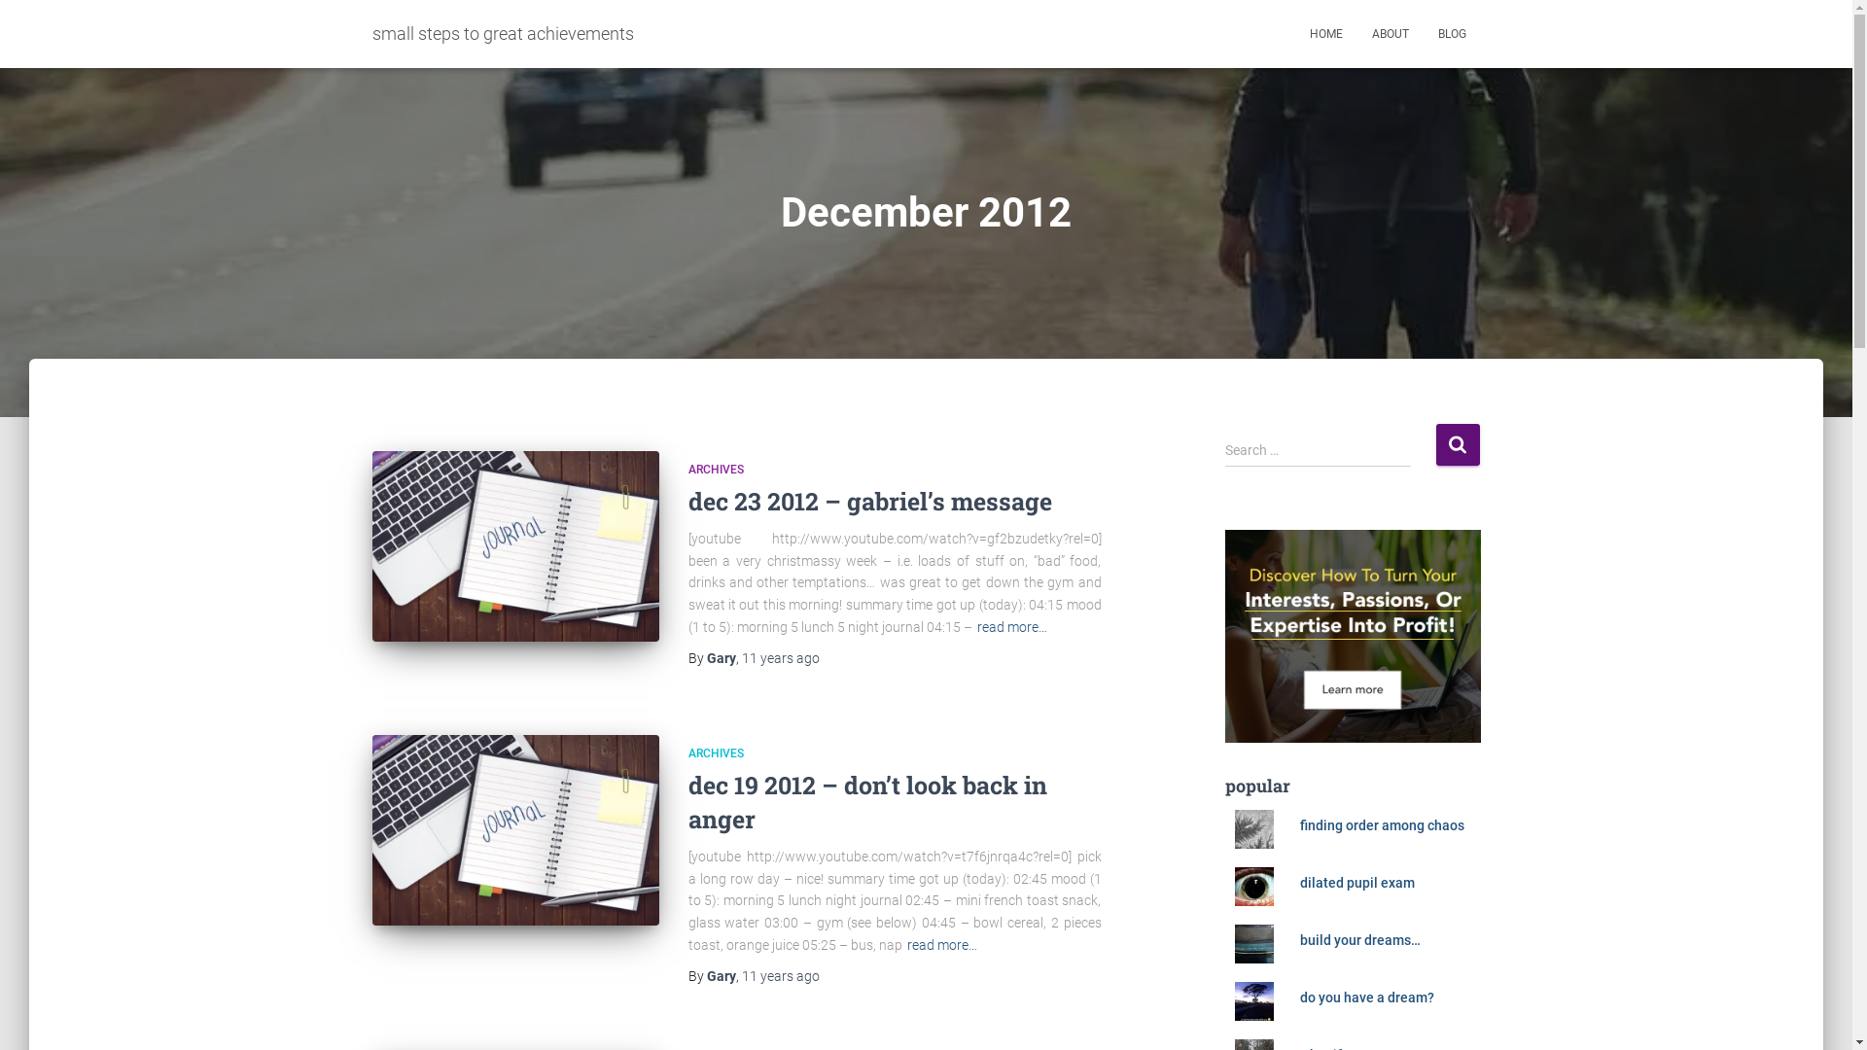  I want to click on 'BLOG', so click(1452, 33).